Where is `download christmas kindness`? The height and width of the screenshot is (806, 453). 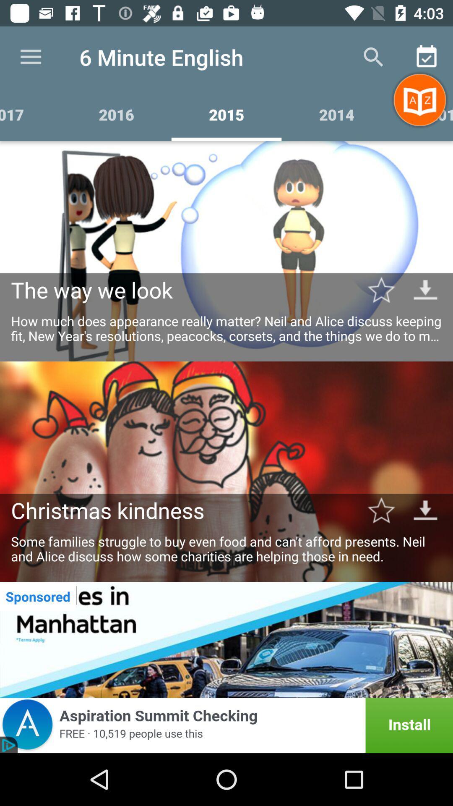 download christmas kindness is located at coordinates (425, 510).